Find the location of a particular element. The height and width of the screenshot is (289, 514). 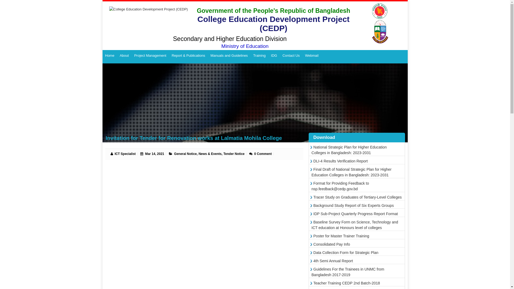

'Manuals and Guidelines' is located at coordinates (229, 56).